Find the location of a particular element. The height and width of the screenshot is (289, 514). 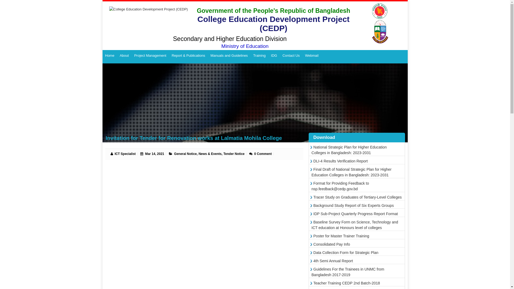

'Manuals and Guidelines' is located at coordinates (229, 56).